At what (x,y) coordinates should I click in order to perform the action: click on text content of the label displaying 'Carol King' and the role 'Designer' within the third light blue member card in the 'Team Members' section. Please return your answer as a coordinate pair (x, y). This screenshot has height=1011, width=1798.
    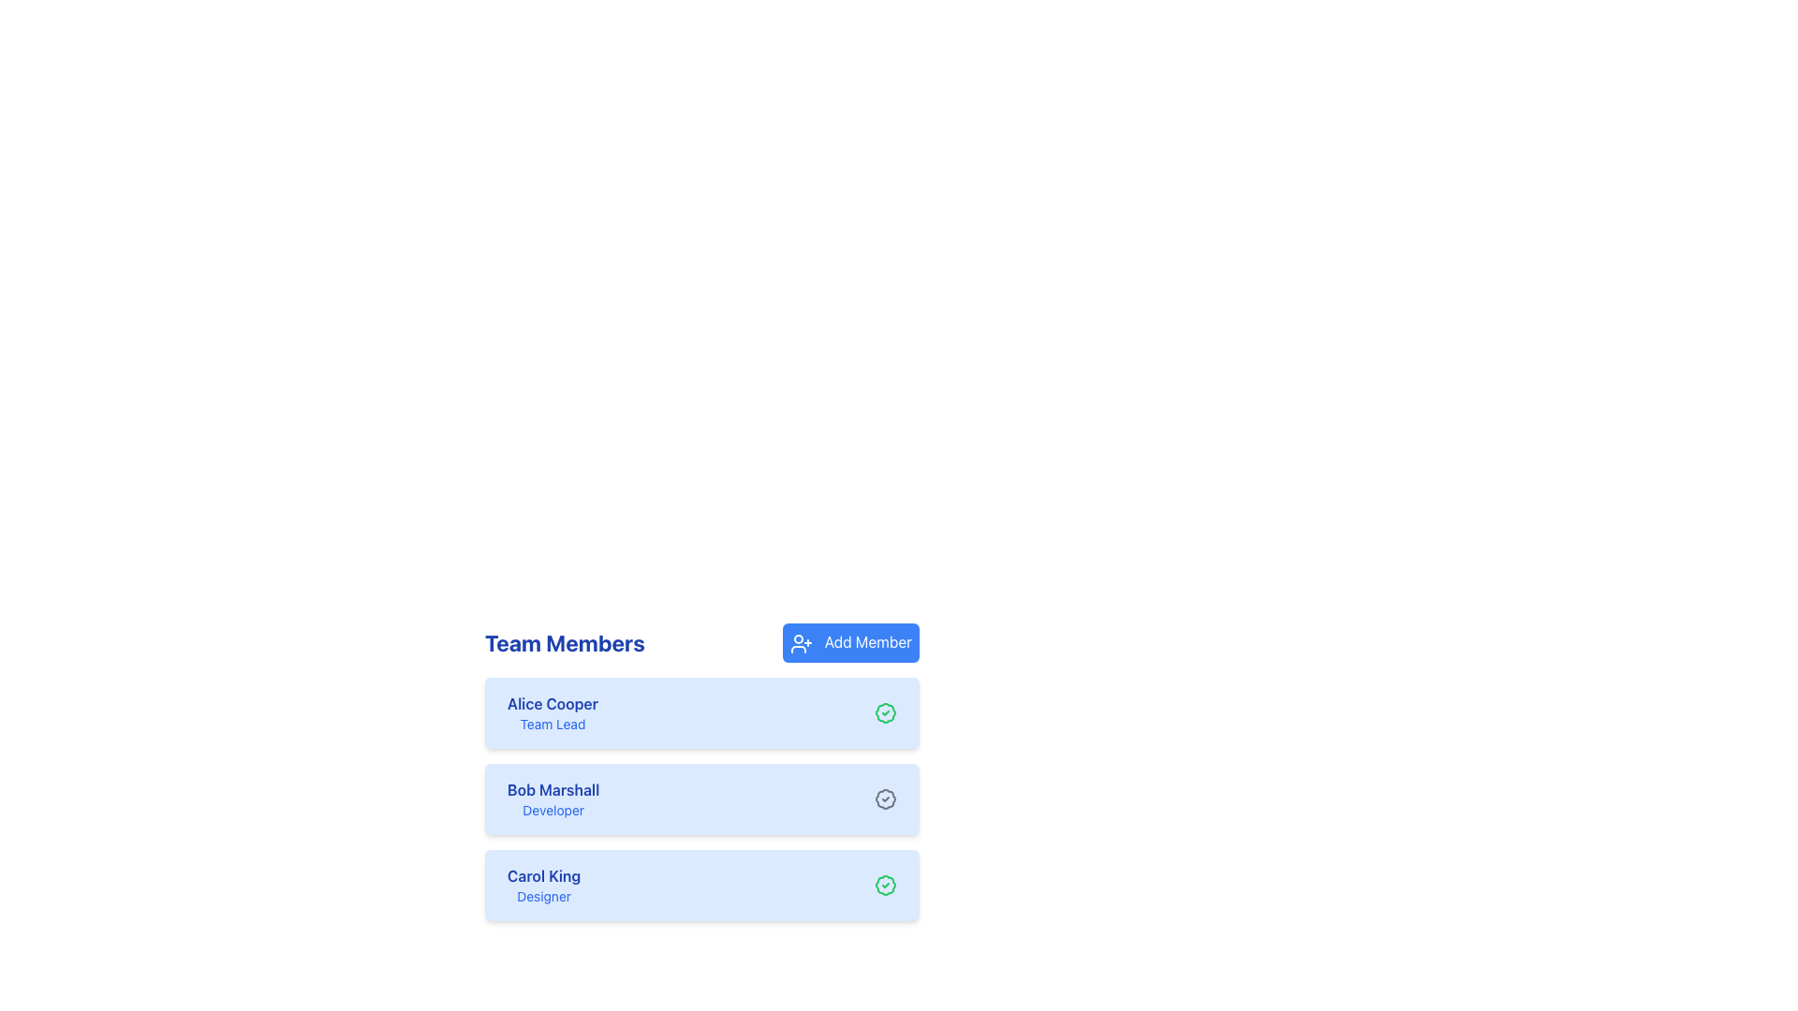
    Looking at the image, I should click on (543, 885).